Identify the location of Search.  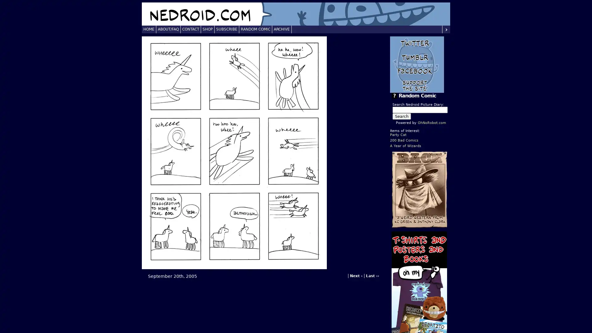
(401, 116).